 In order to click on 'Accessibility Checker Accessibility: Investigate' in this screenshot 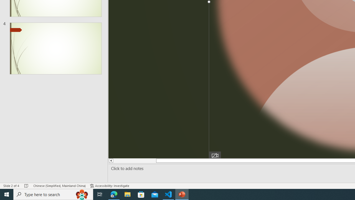, I will do `click(110, 186)`.